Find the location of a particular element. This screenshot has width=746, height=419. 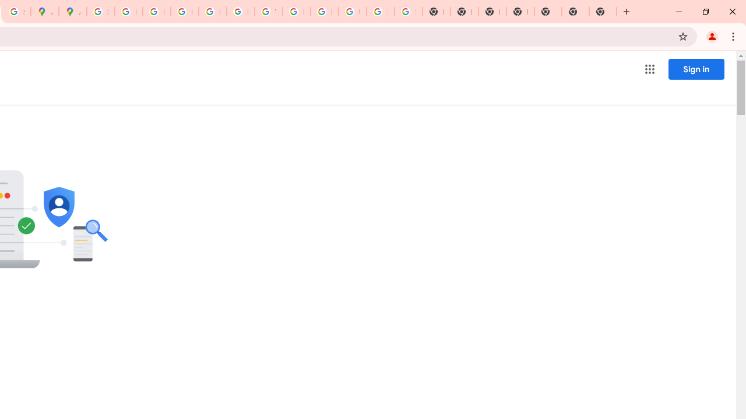

'New Tab' is located at coordinates (575, 12).